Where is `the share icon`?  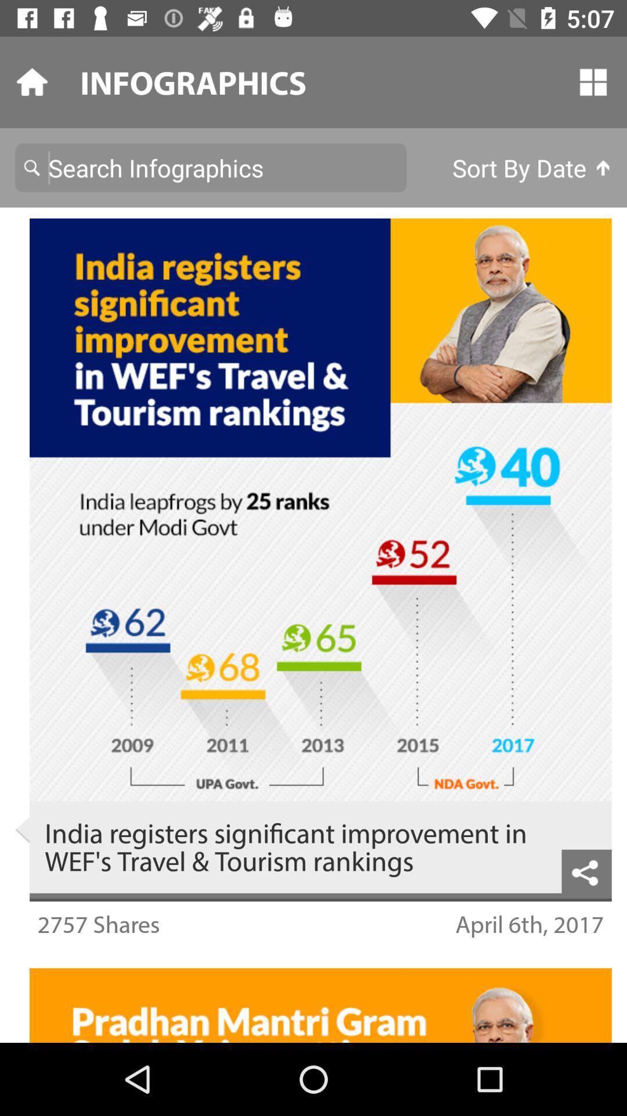
the share icon is located at coordinates (586, 871).